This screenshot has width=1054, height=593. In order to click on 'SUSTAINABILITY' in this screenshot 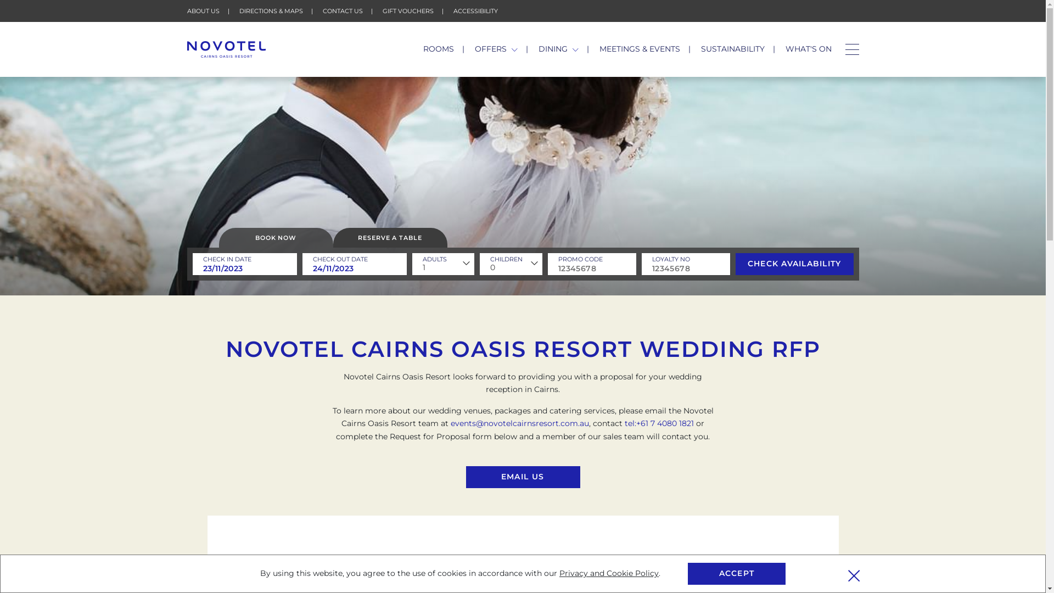, I will do `click(700, 48)`.